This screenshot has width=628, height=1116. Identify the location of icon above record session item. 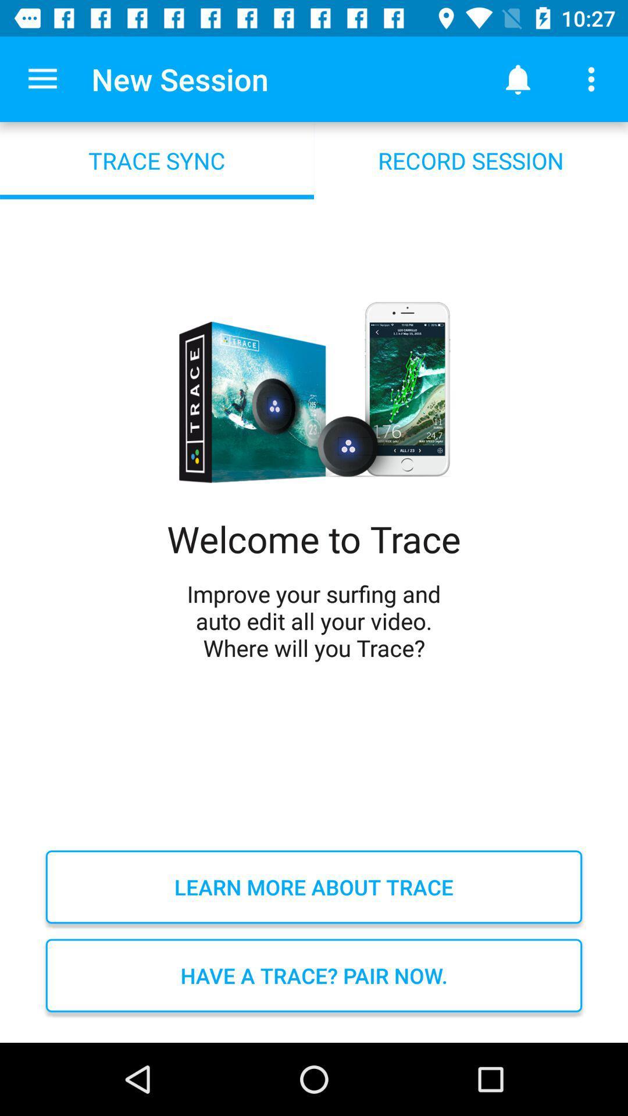
(591, 78).